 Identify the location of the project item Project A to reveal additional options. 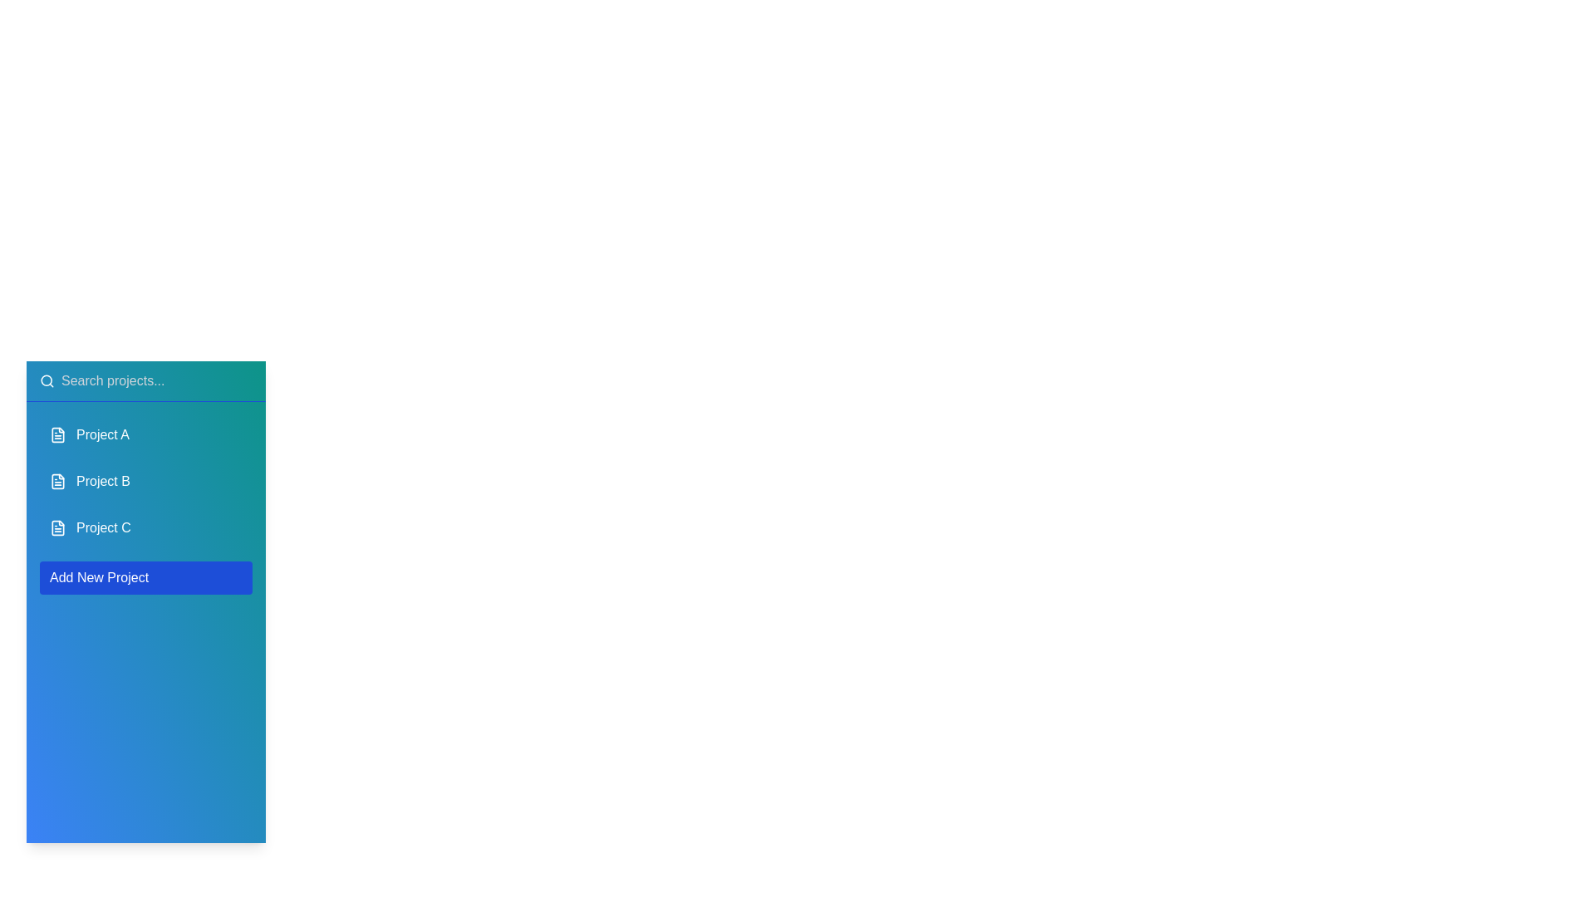
(146, 434).